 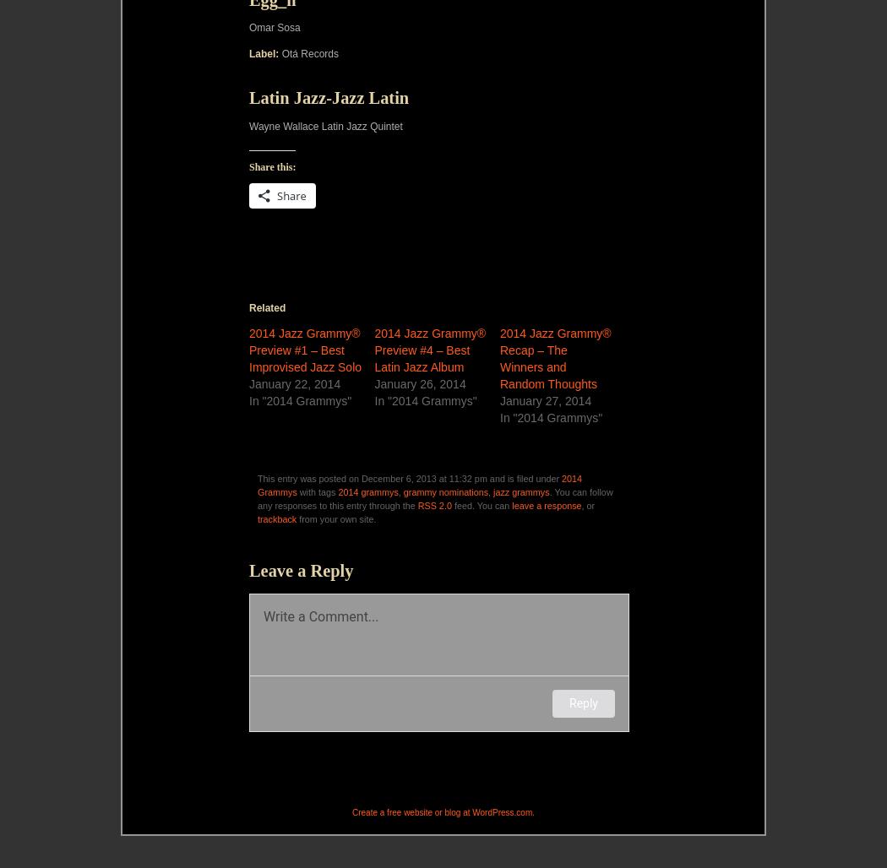 What do you see at coordinates (584, 703) in the screenshot?
I see `'Reply'` at bounding box center [584, 703].